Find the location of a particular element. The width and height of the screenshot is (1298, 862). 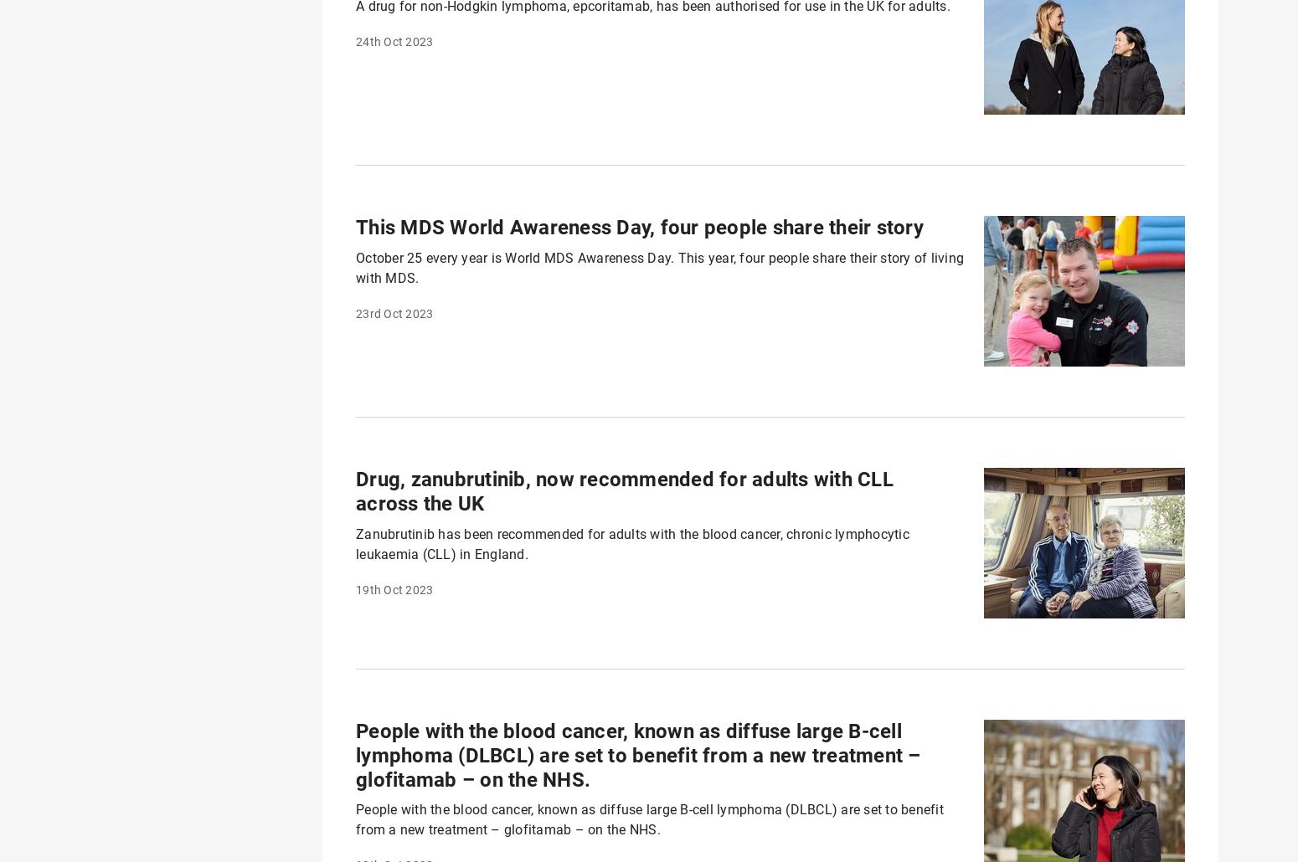

'Cookies' is located at coordinates (344, 823).